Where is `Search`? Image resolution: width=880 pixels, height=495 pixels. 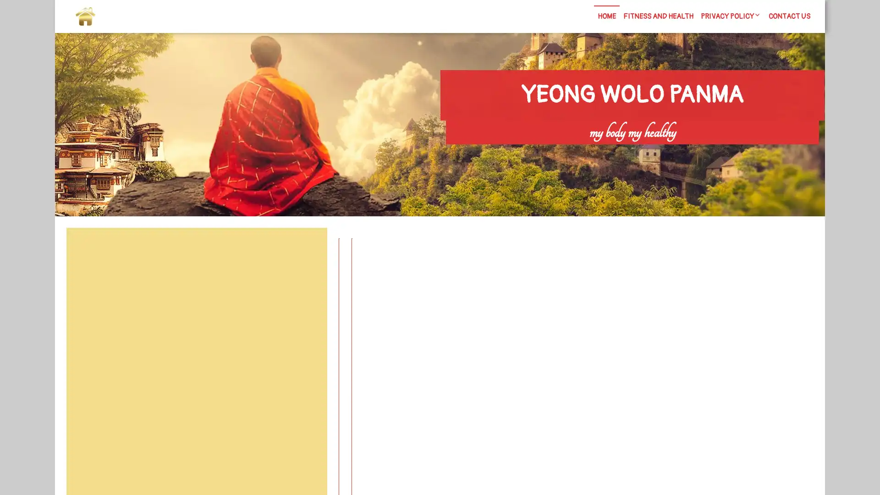 Search is located at coordinates (306, 250).